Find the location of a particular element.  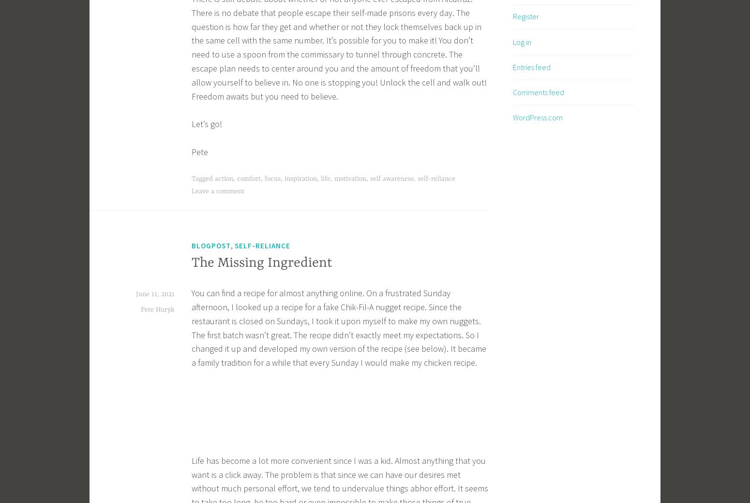

'WordPress.com' is located at coordinates (537, 116).